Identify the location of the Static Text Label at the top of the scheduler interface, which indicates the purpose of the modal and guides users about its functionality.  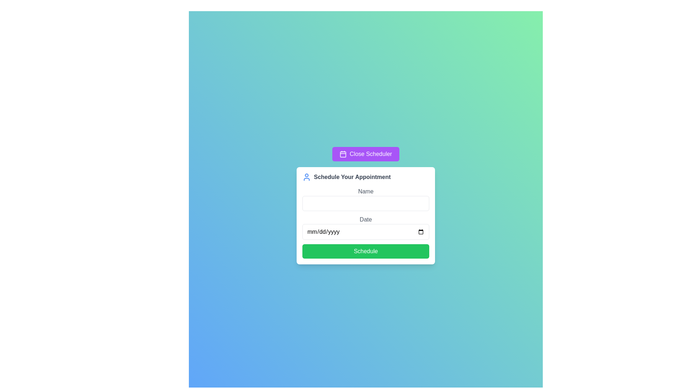
(352, 177).